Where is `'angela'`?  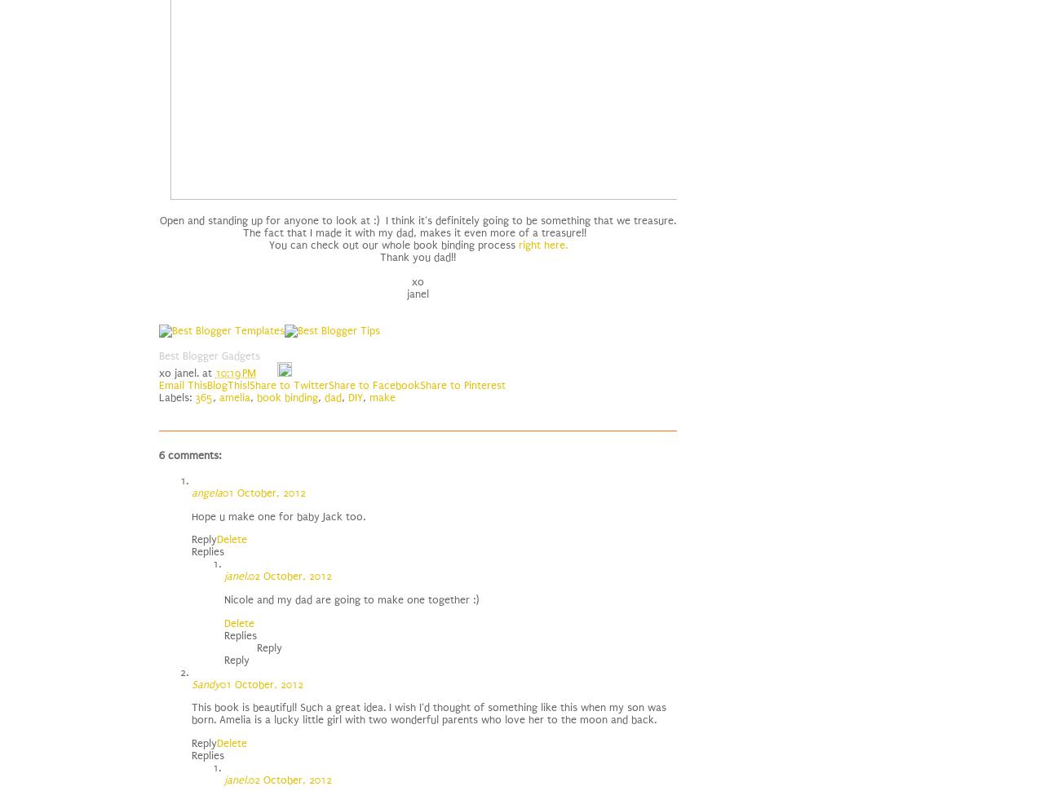 'angela' is located at coordinates (206, 493).